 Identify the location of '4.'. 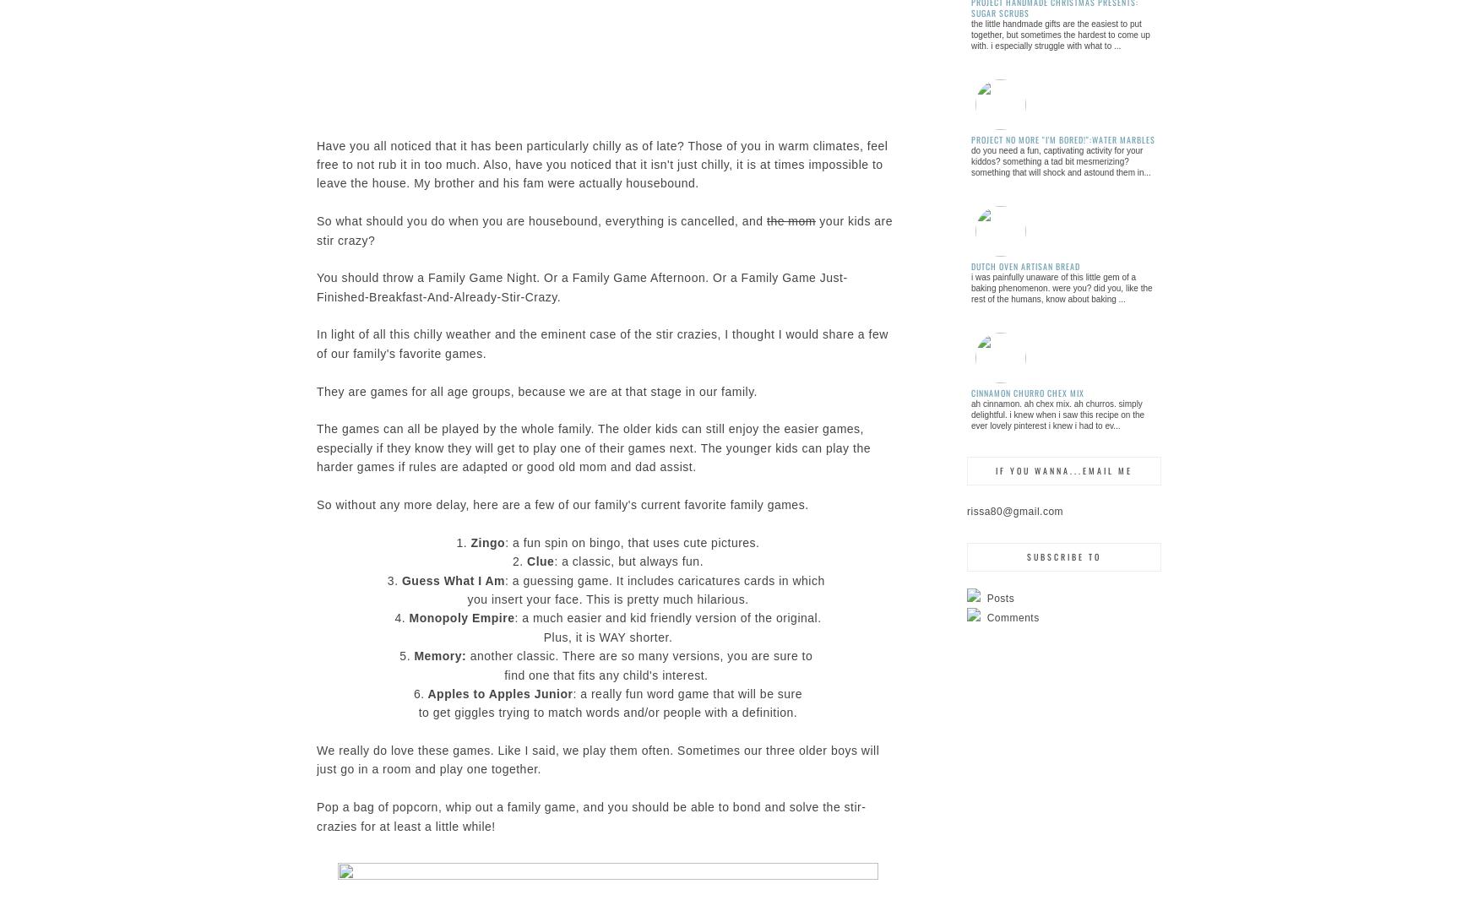
(401, 616).